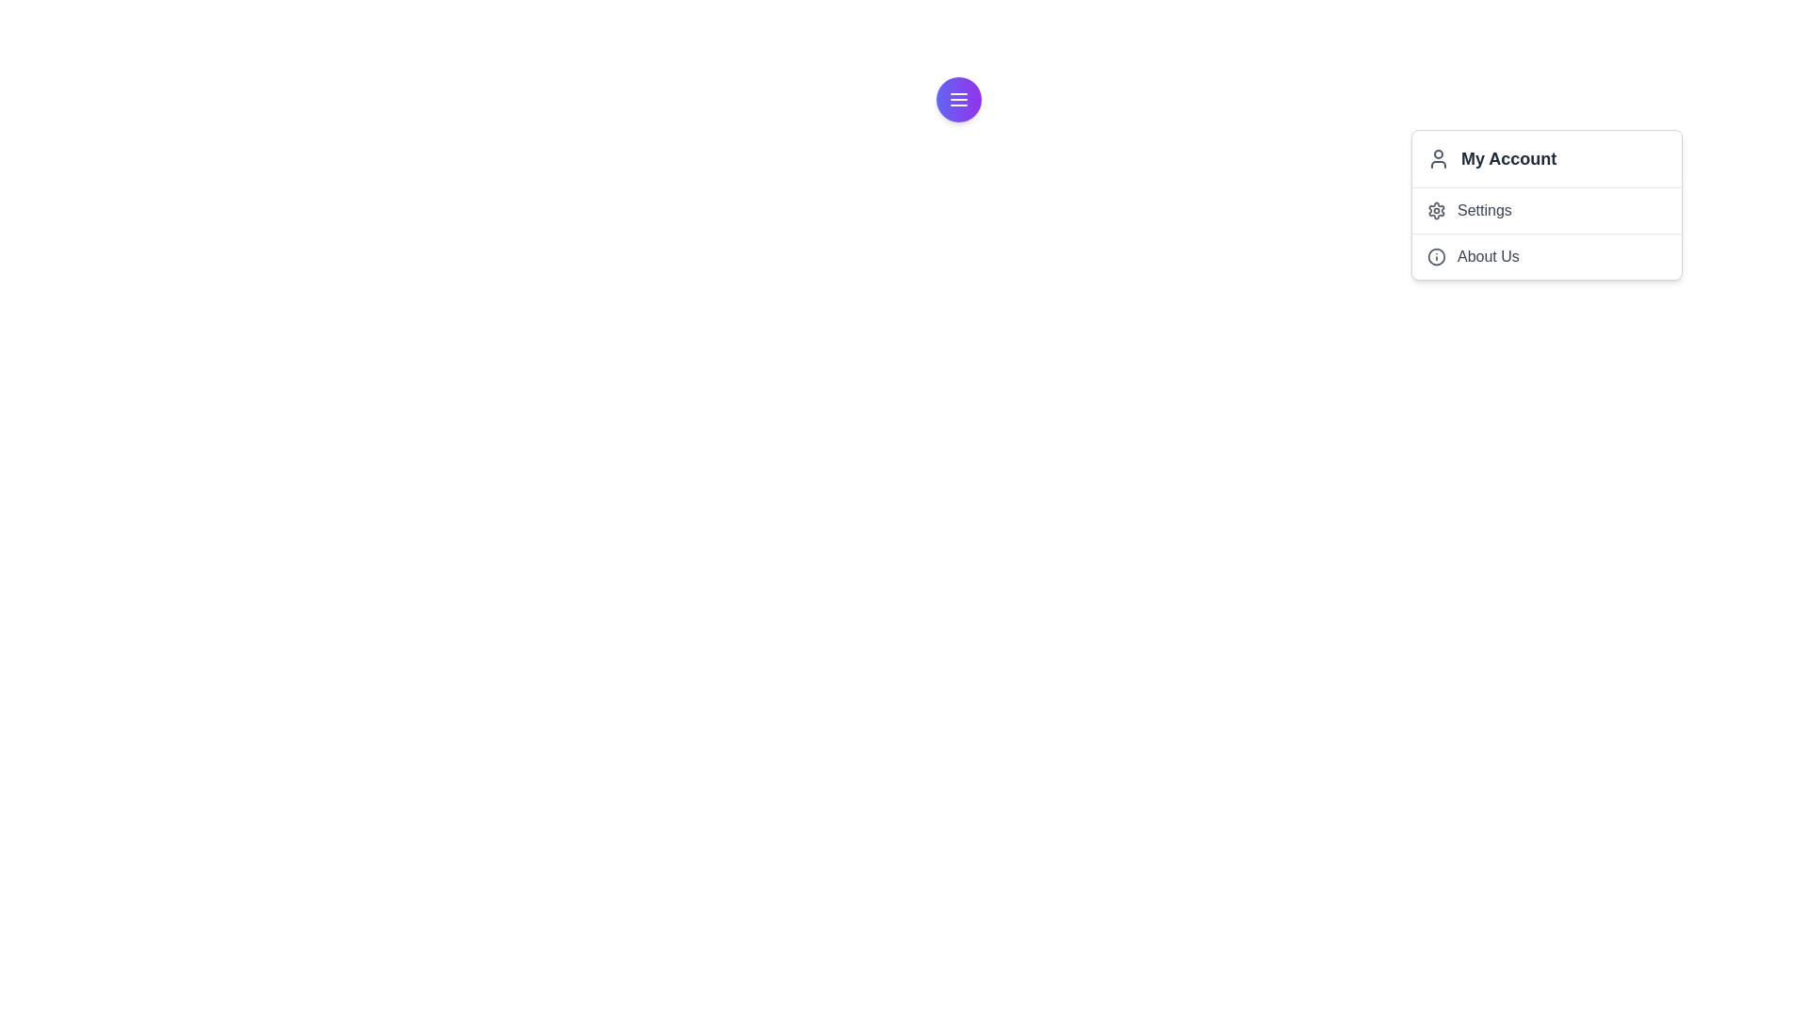  I want to click on the central button used, so click(958, 99).